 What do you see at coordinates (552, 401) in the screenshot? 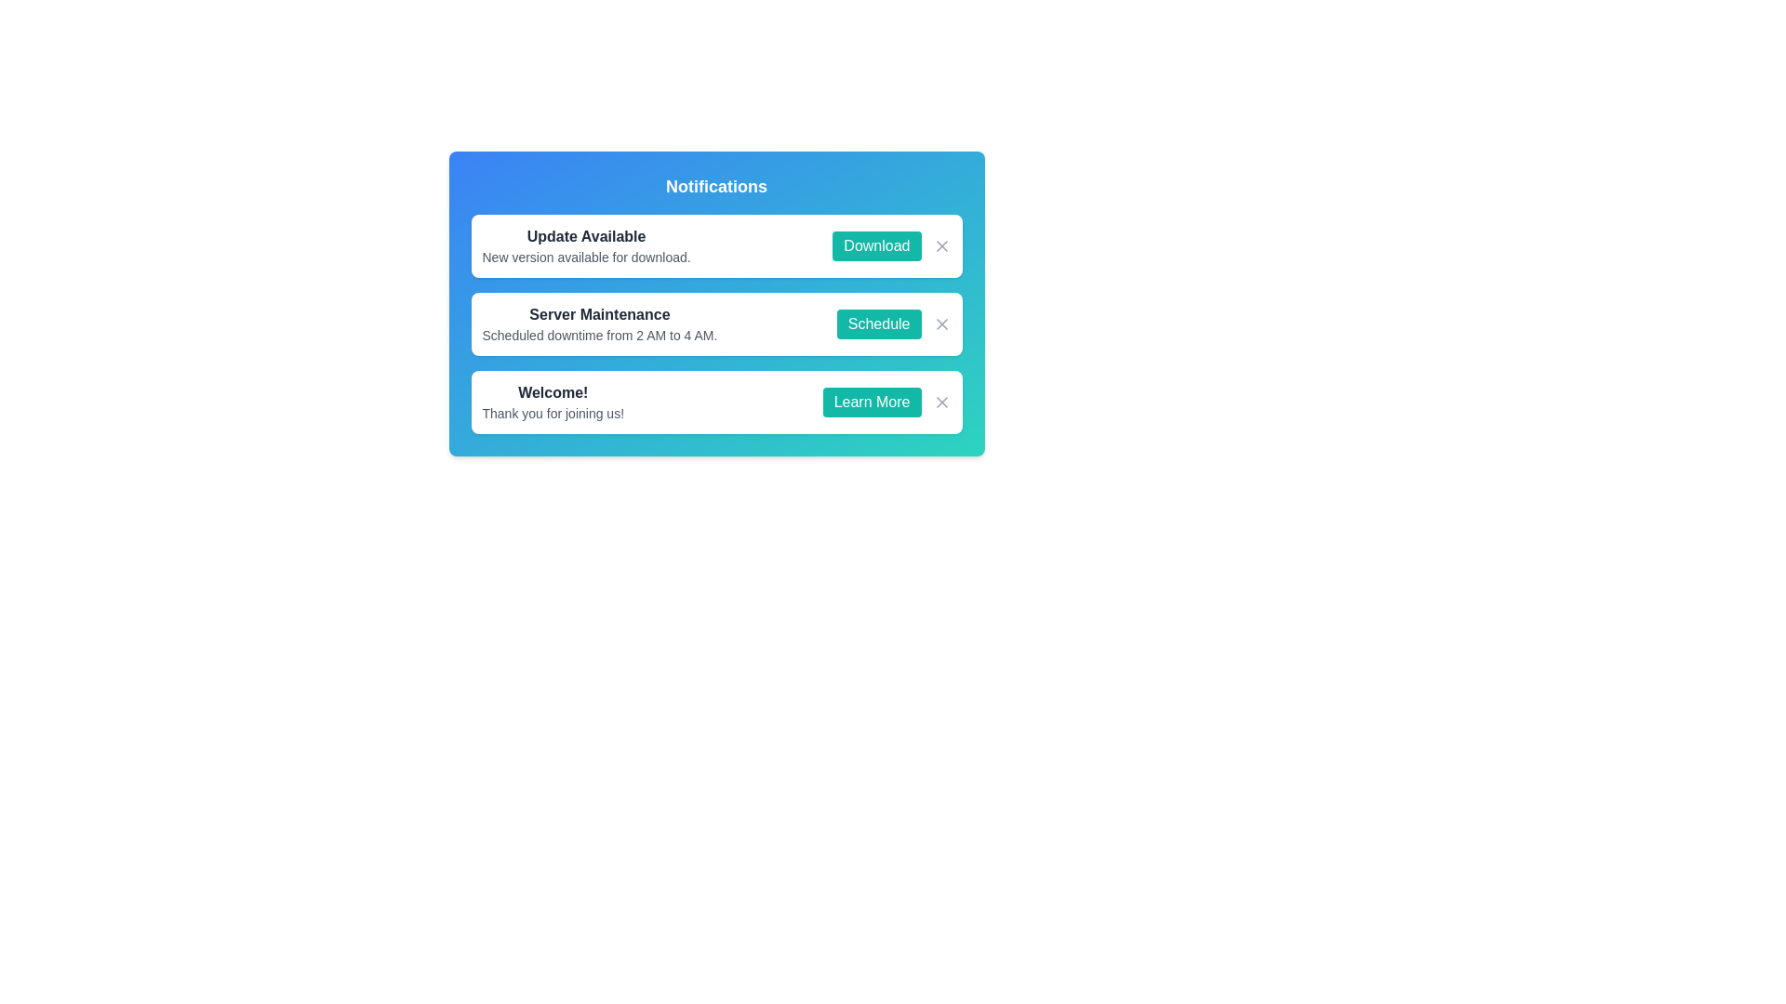
I see `the notification titled 'Welcome!'` at bounding box center [552, 401].